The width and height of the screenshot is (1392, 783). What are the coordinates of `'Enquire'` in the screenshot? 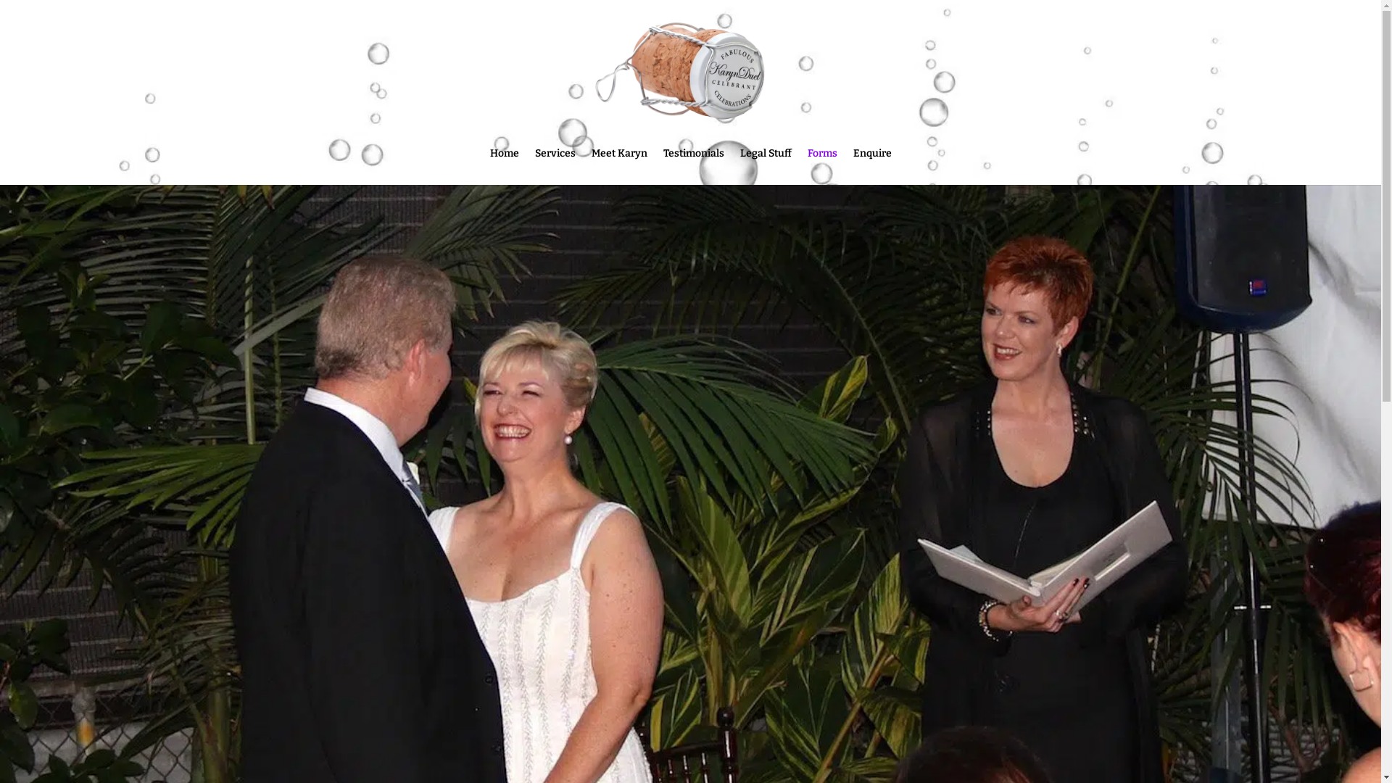 It's located at (871, 166).